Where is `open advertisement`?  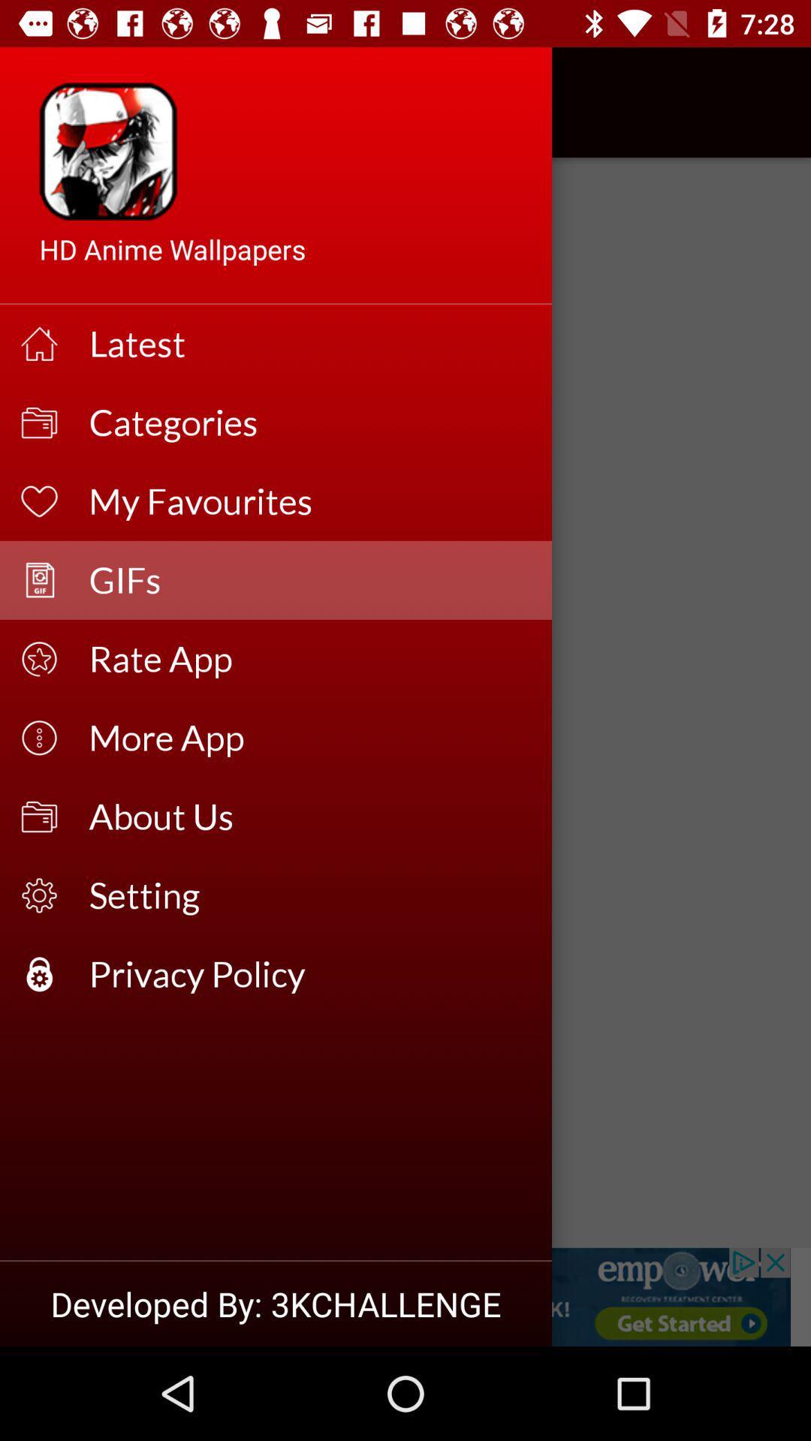 open advertisement is located at coordinates (405, 1296).